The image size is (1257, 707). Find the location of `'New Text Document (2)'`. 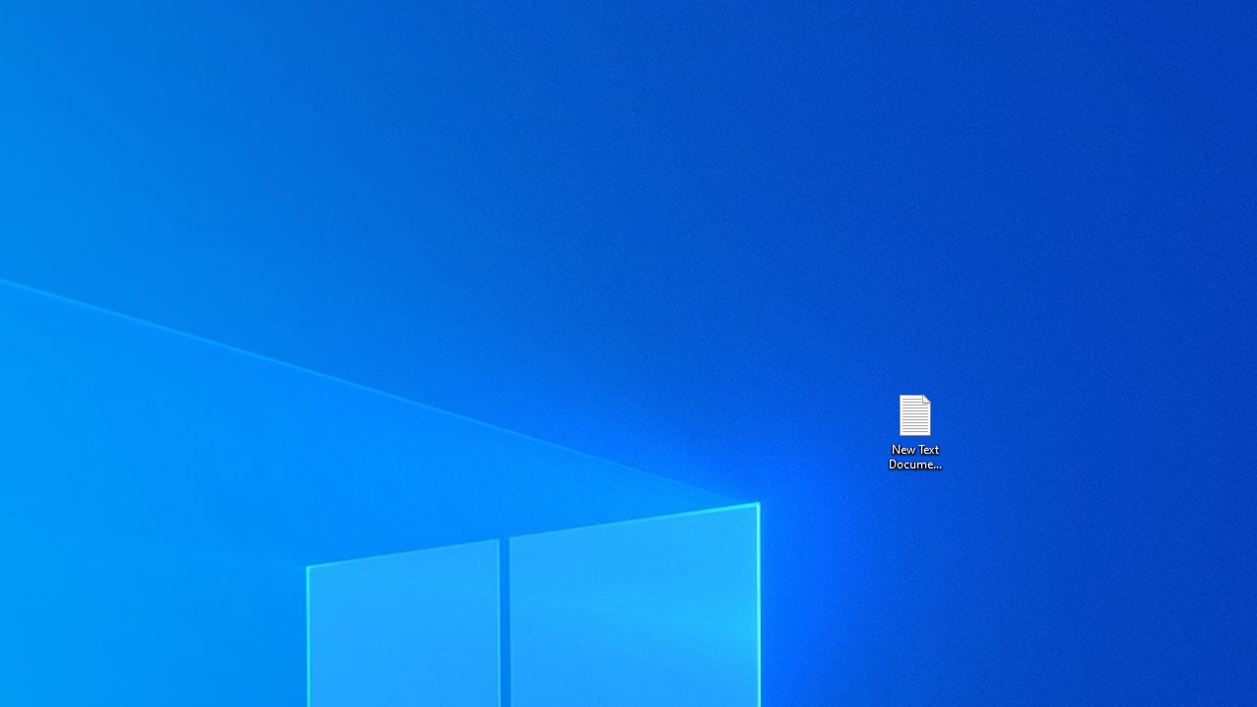

'New Text Document (2)' is located at coordinates (913, 430).